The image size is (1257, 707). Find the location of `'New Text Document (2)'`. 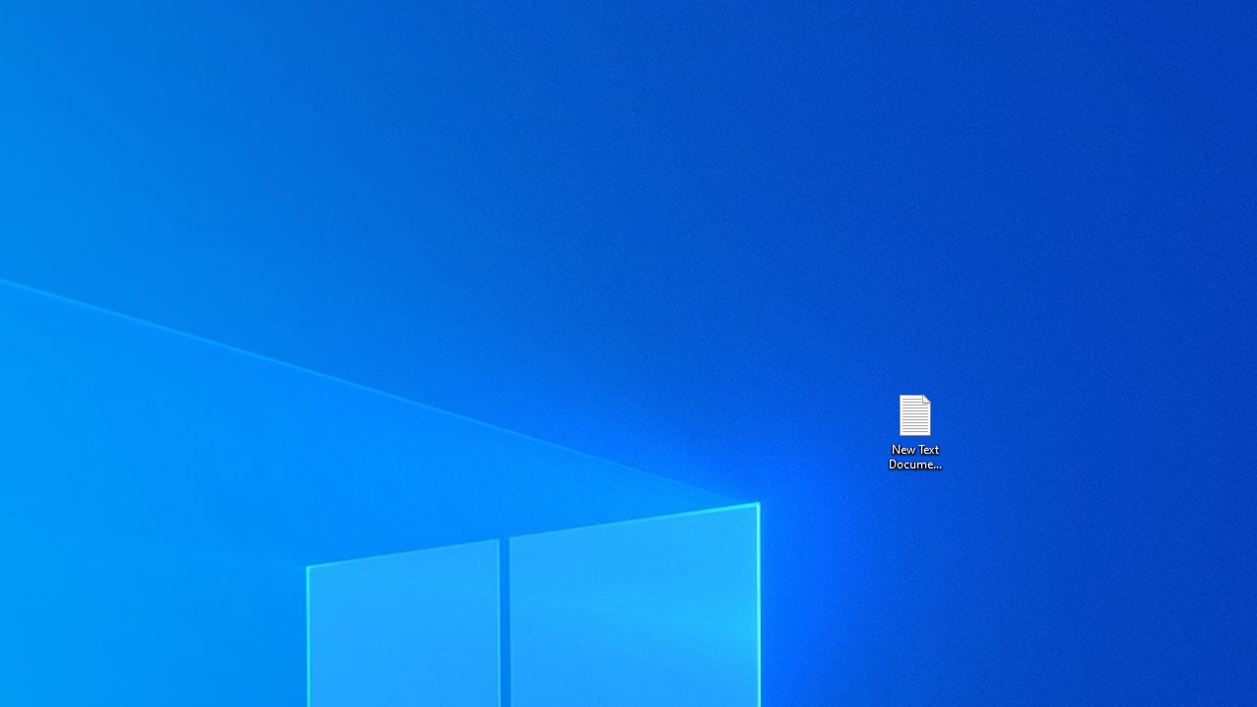

'New Text Document (2)' is located at coordinates (913, 430).